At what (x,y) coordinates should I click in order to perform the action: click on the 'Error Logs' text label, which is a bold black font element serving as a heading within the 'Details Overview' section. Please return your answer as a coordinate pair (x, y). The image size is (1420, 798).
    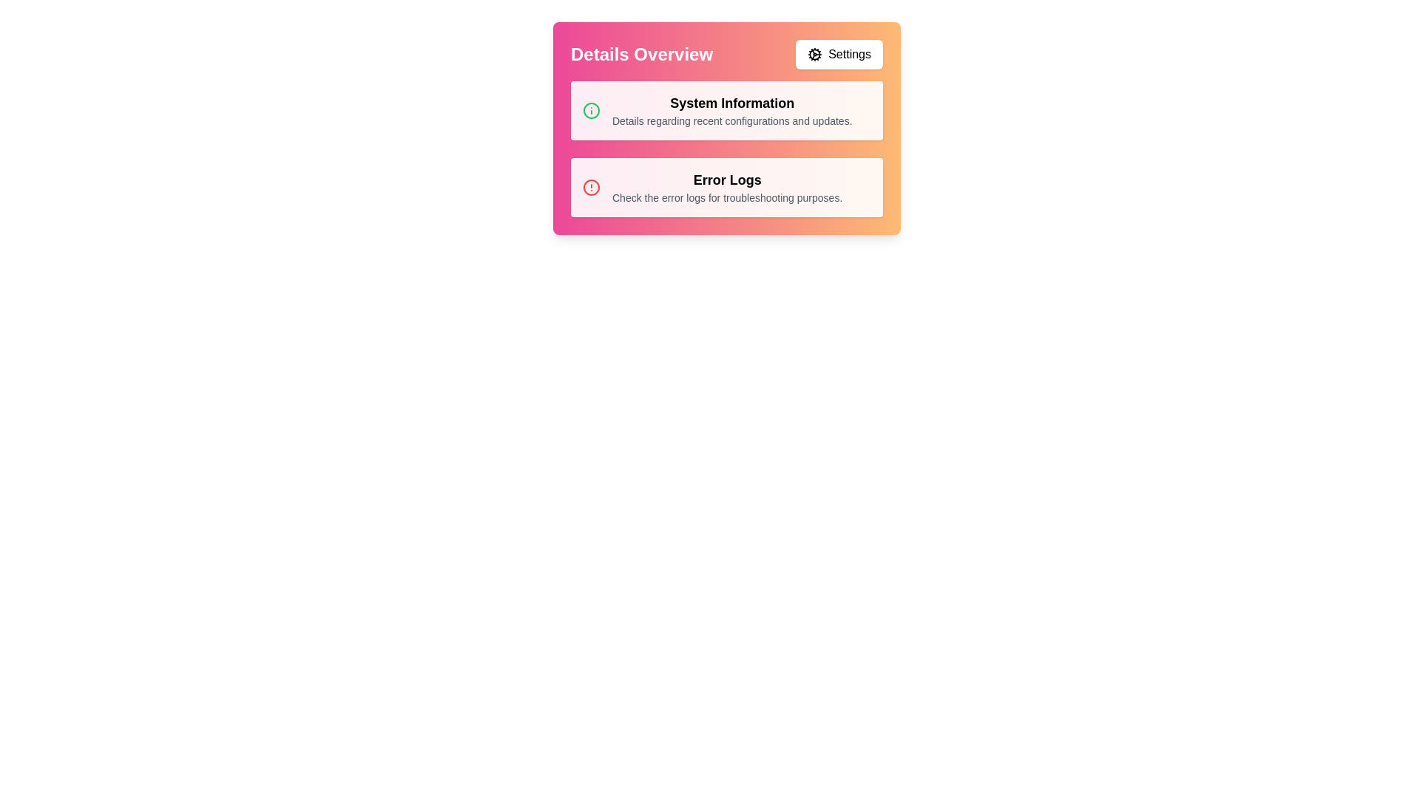
    Looking at the image, I should click on (727, 179).